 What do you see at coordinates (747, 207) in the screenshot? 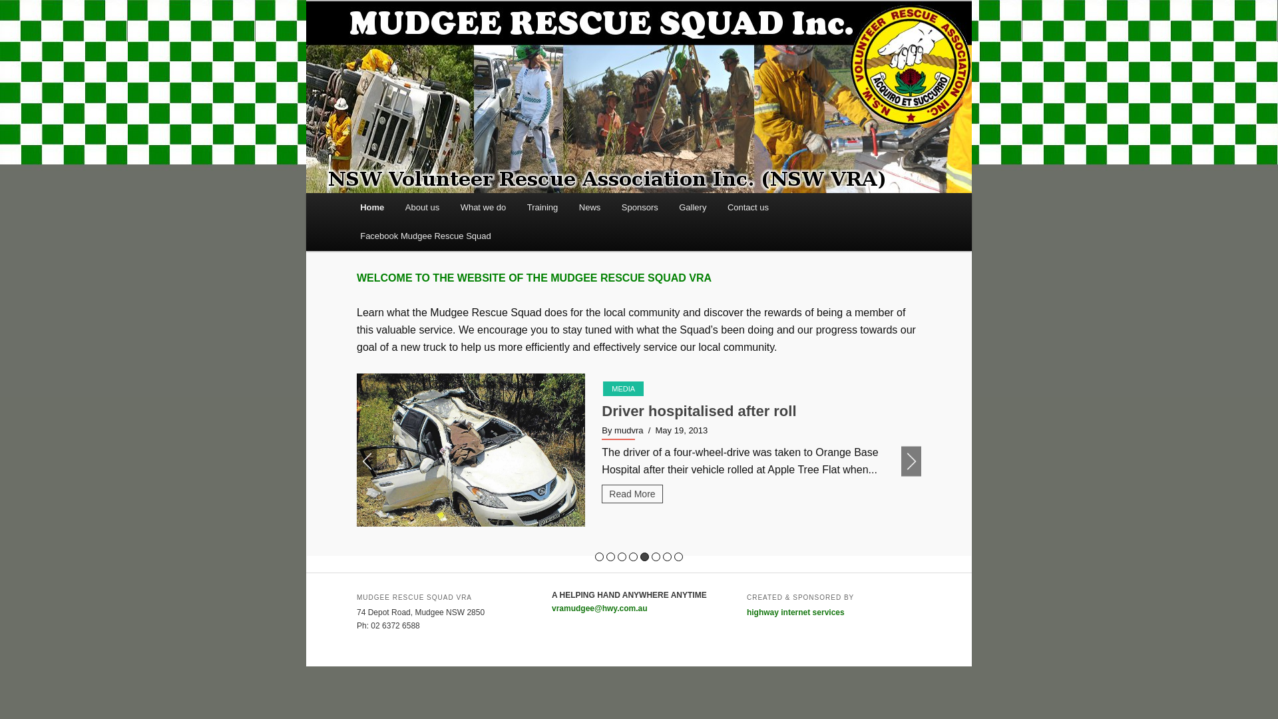
I see `'Contact us'` at bounding box center [747, 207].